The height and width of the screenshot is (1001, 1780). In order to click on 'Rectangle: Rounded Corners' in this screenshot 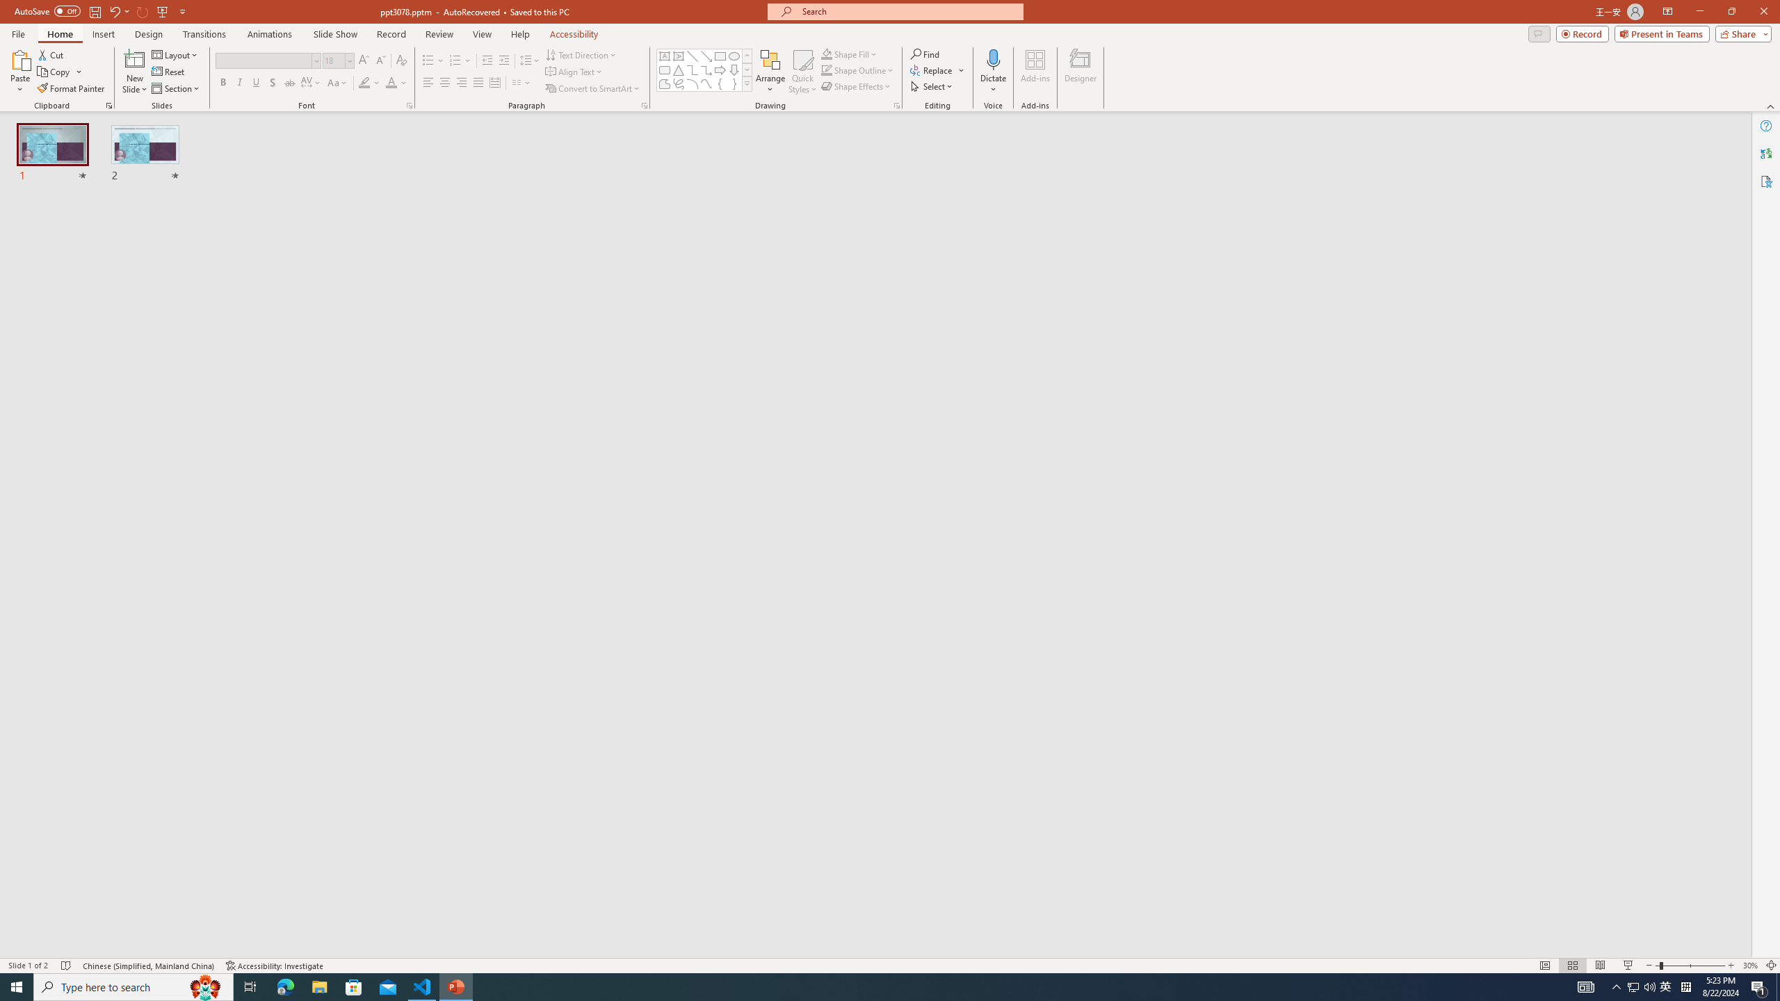, I will do `click(664, 69)`.